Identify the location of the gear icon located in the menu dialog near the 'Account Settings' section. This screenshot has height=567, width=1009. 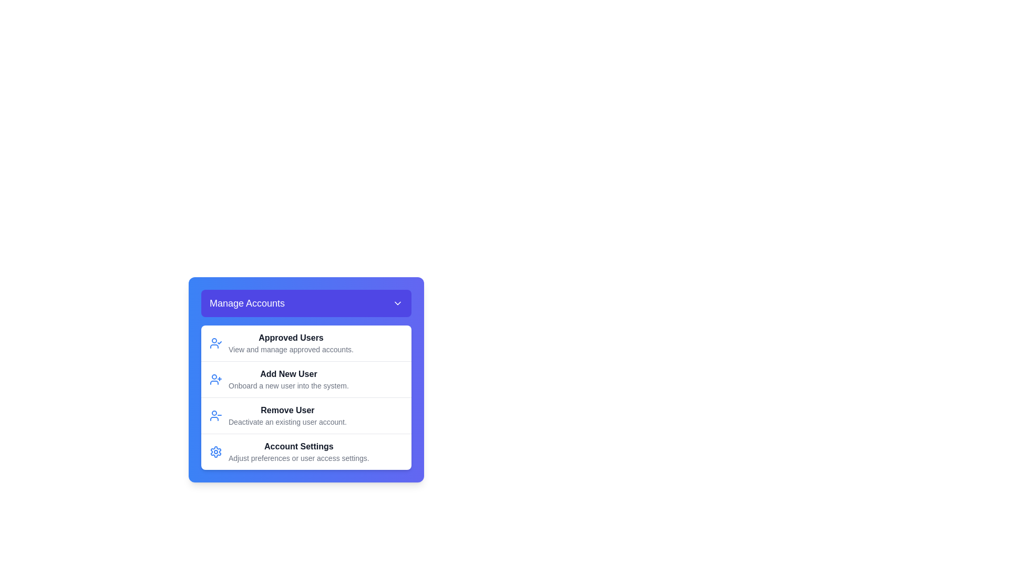
(215, 451).